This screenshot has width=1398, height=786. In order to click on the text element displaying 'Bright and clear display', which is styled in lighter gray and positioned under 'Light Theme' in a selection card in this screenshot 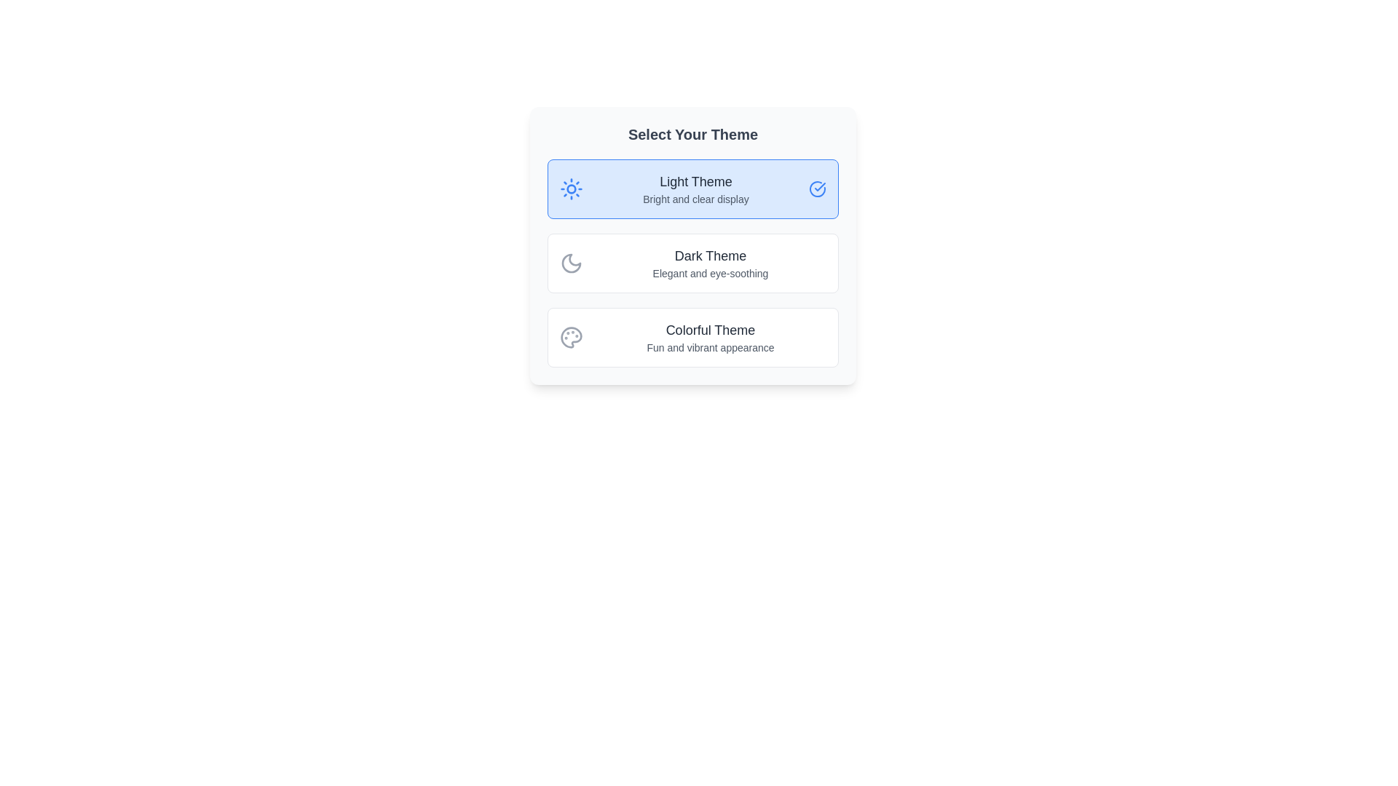, I will do `click(695, 199)`.